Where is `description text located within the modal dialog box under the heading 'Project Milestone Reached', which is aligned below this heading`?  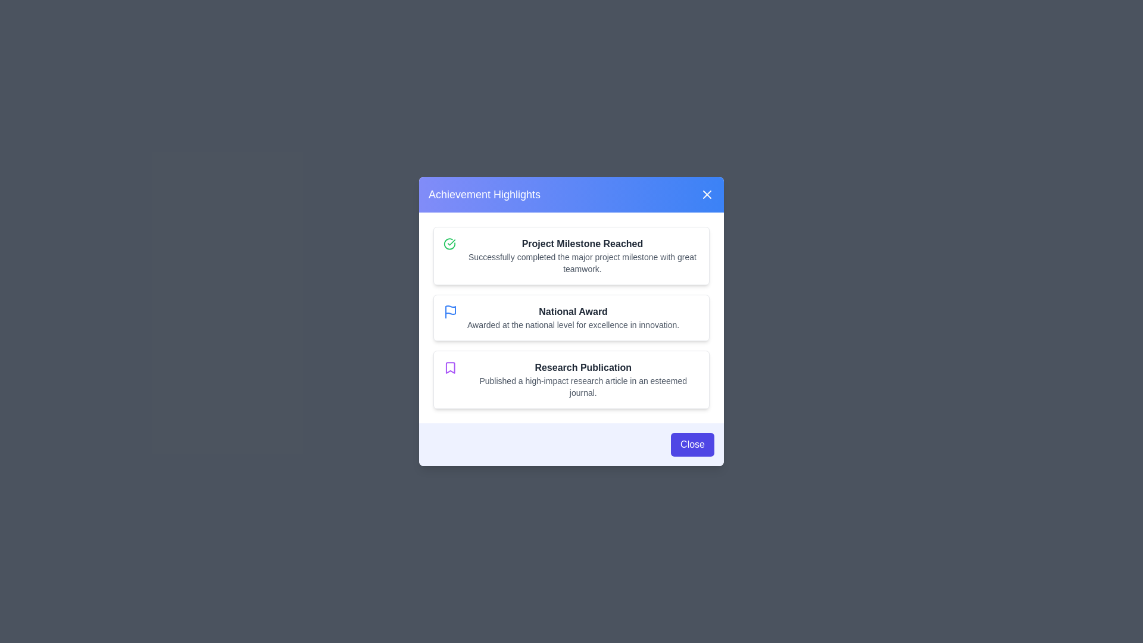 description text located within the modal dialog box under the heading 'Project Milestone Reached', which is aligned below this heading is located at coordinates (582, 263).